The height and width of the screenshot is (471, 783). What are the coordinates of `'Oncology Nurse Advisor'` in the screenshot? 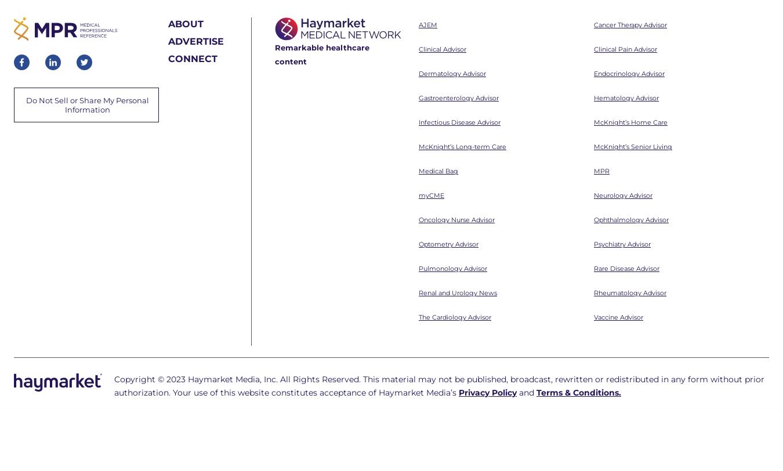 It's located at (456, 62).